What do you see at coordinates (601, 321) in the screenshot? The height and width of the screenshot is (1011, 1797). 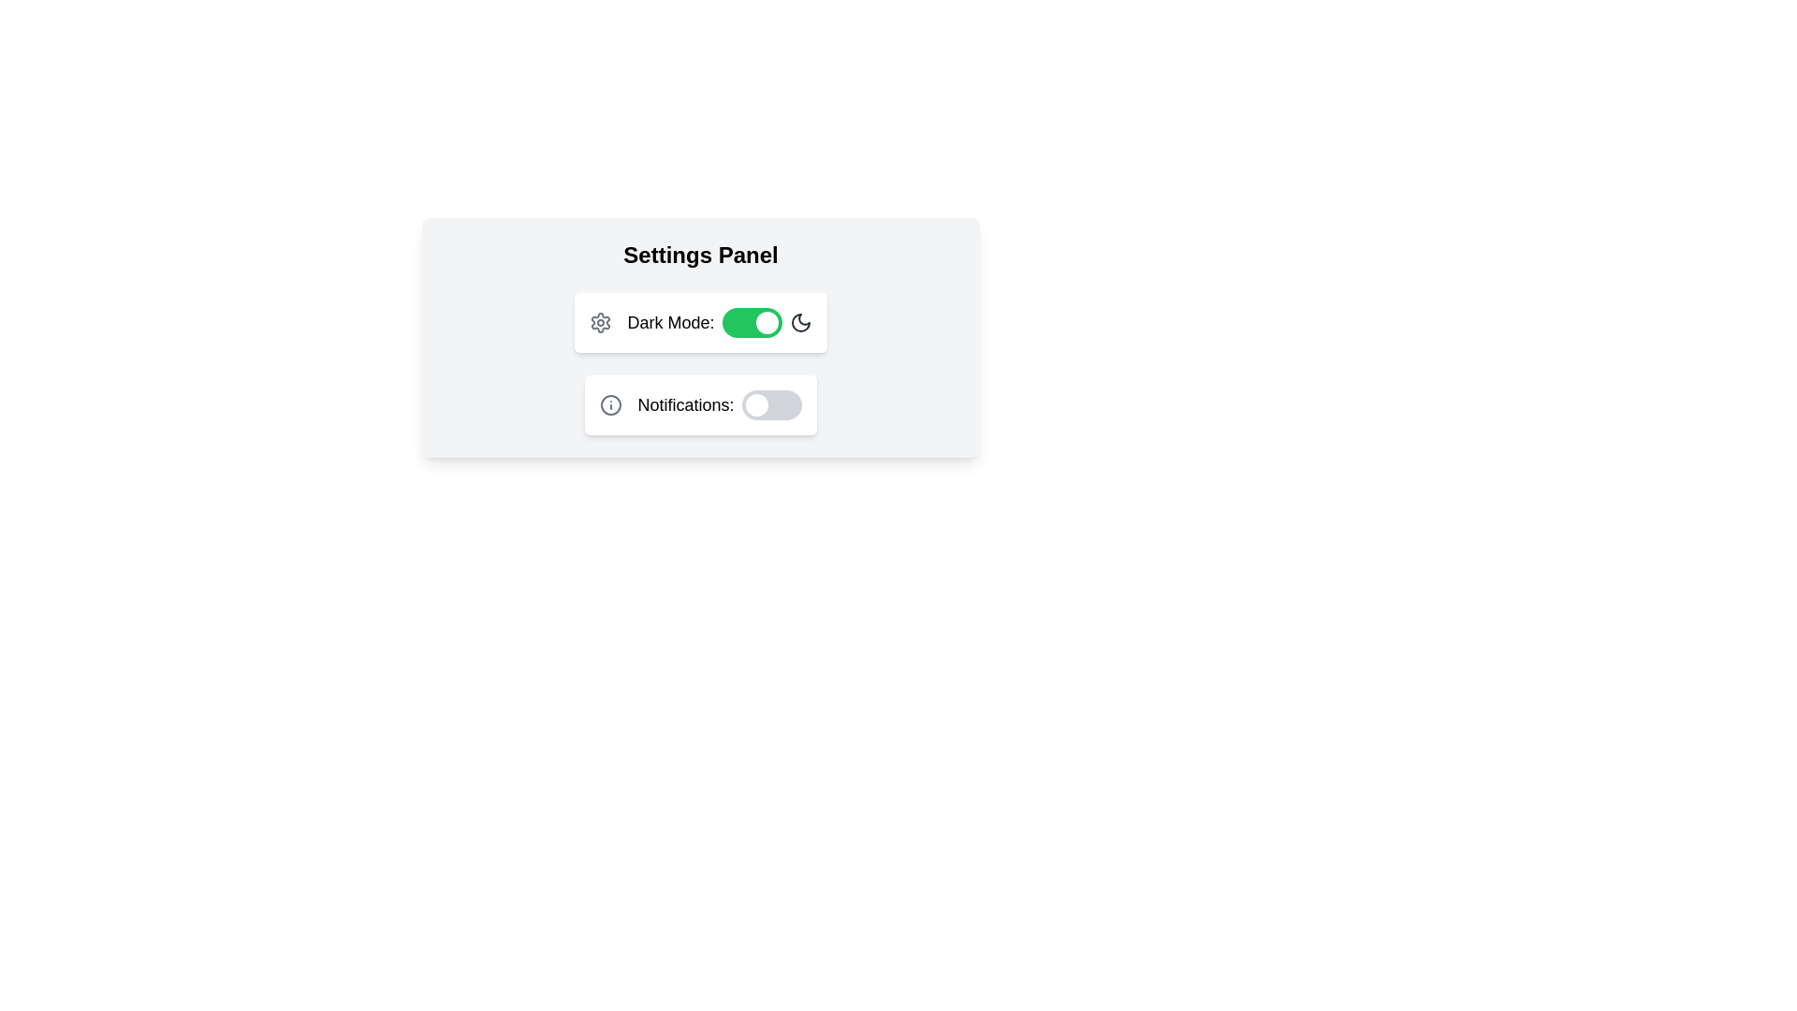 I see `the gear-shaped settings icon located in the Settings Panel, positioned to the left of the 'Dark Mode' text` at bounding box center [601, 321].